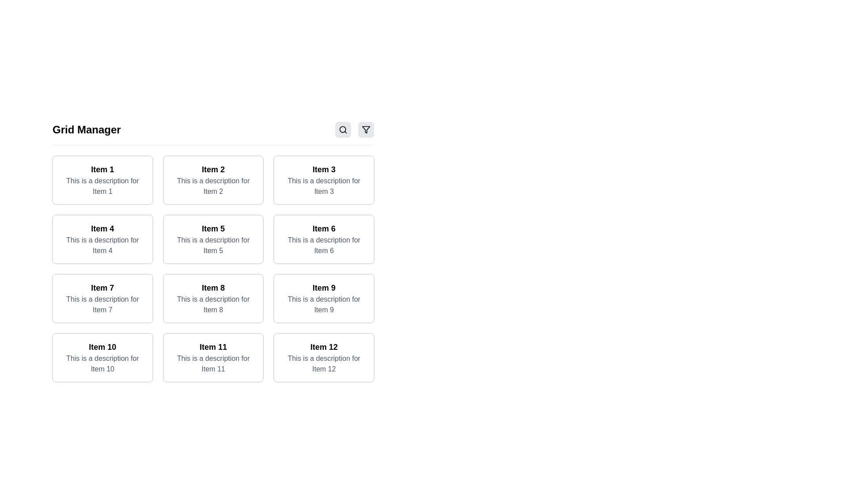 This screenshot has width=848, height=477. What do you see at coordinates (366, 129) in the screenshot?
I see `the filter button located in the top-right corner of the interface, which is the second button from the right, directly next to the search button with a magnifying glass icon` at bounding box center [366, 129].